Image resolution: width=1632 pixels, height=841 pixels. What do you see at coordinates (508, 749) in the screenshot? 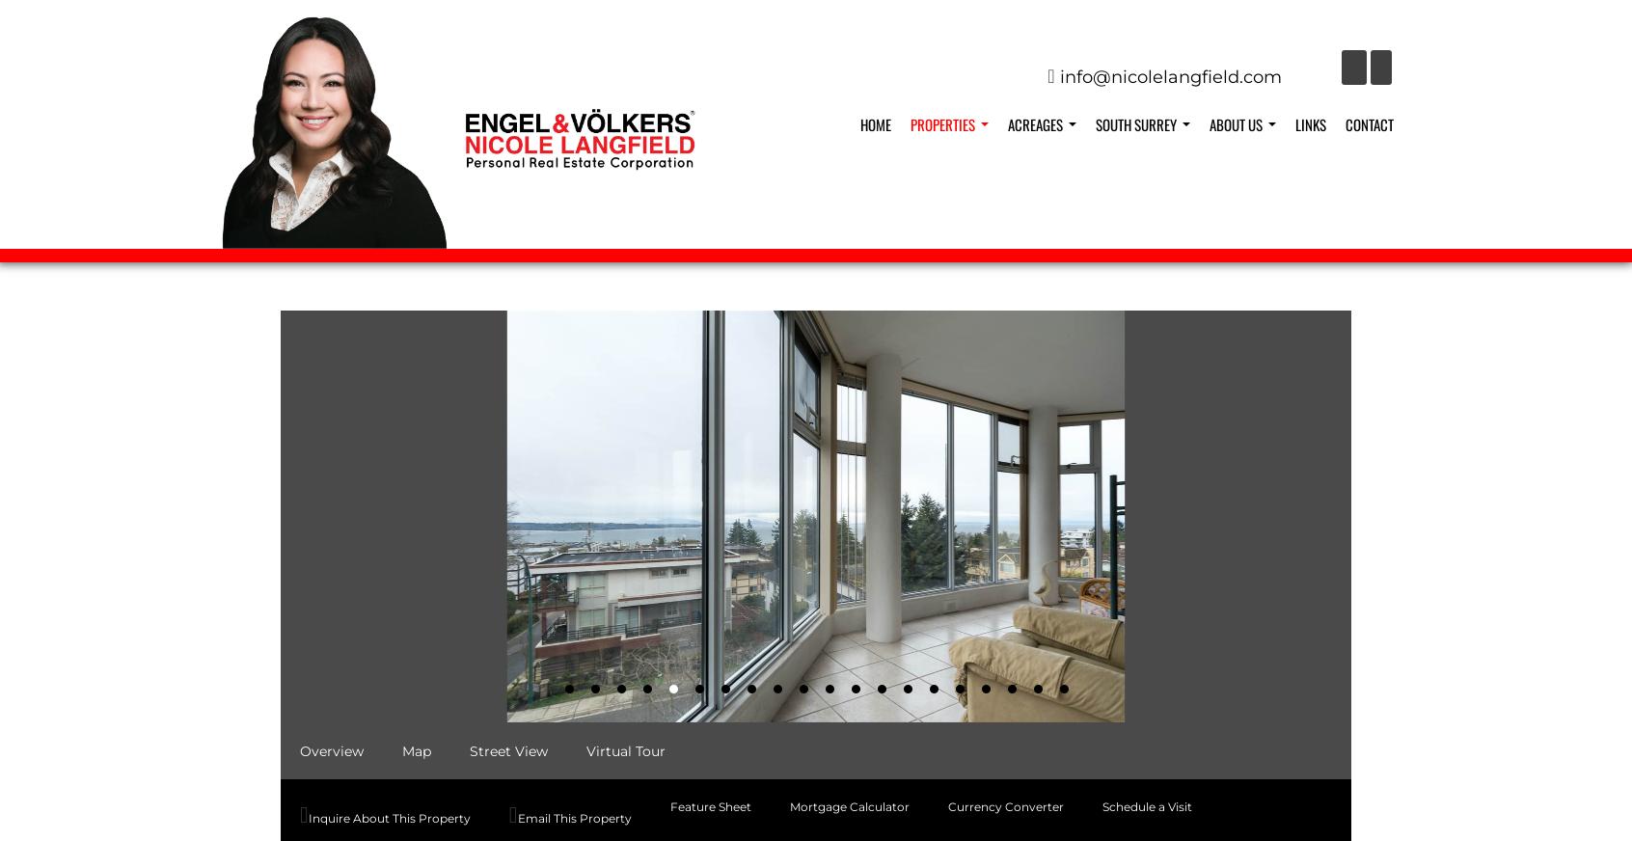
I see `'Street View'` at bounding box center [508, 749].